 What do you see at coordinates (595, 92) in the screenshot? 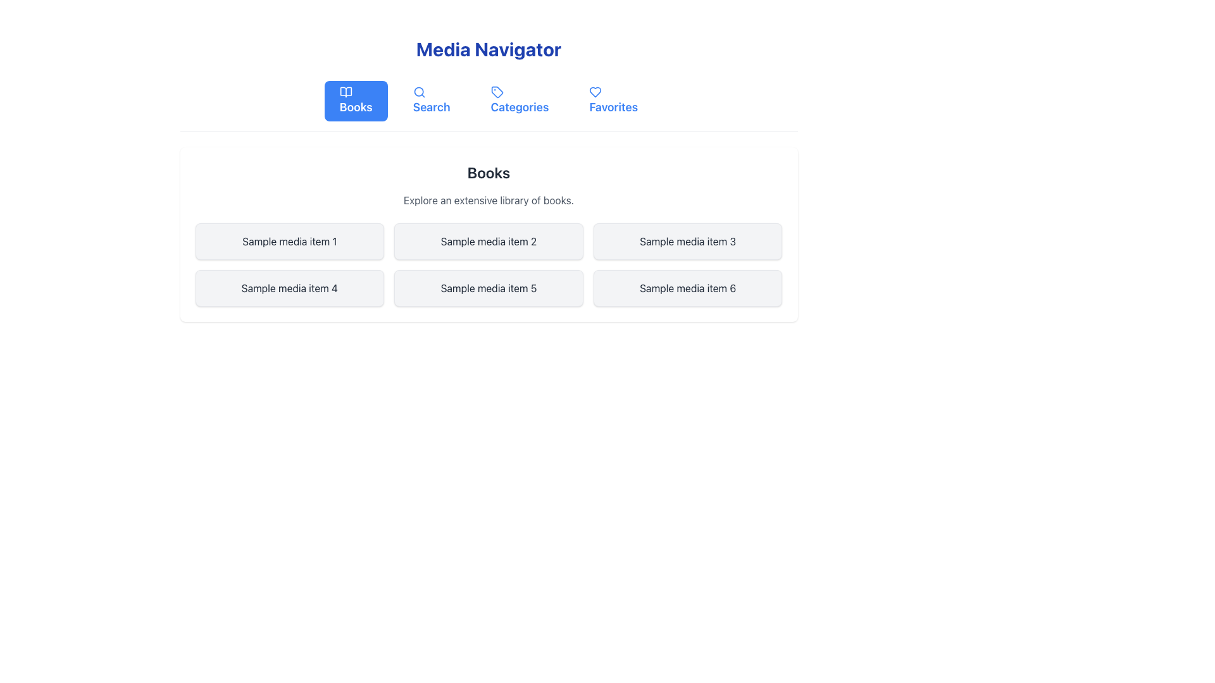
I see `the heart-shaped icon outlined in blue in the toolbar` at bounding box center [595, 92].